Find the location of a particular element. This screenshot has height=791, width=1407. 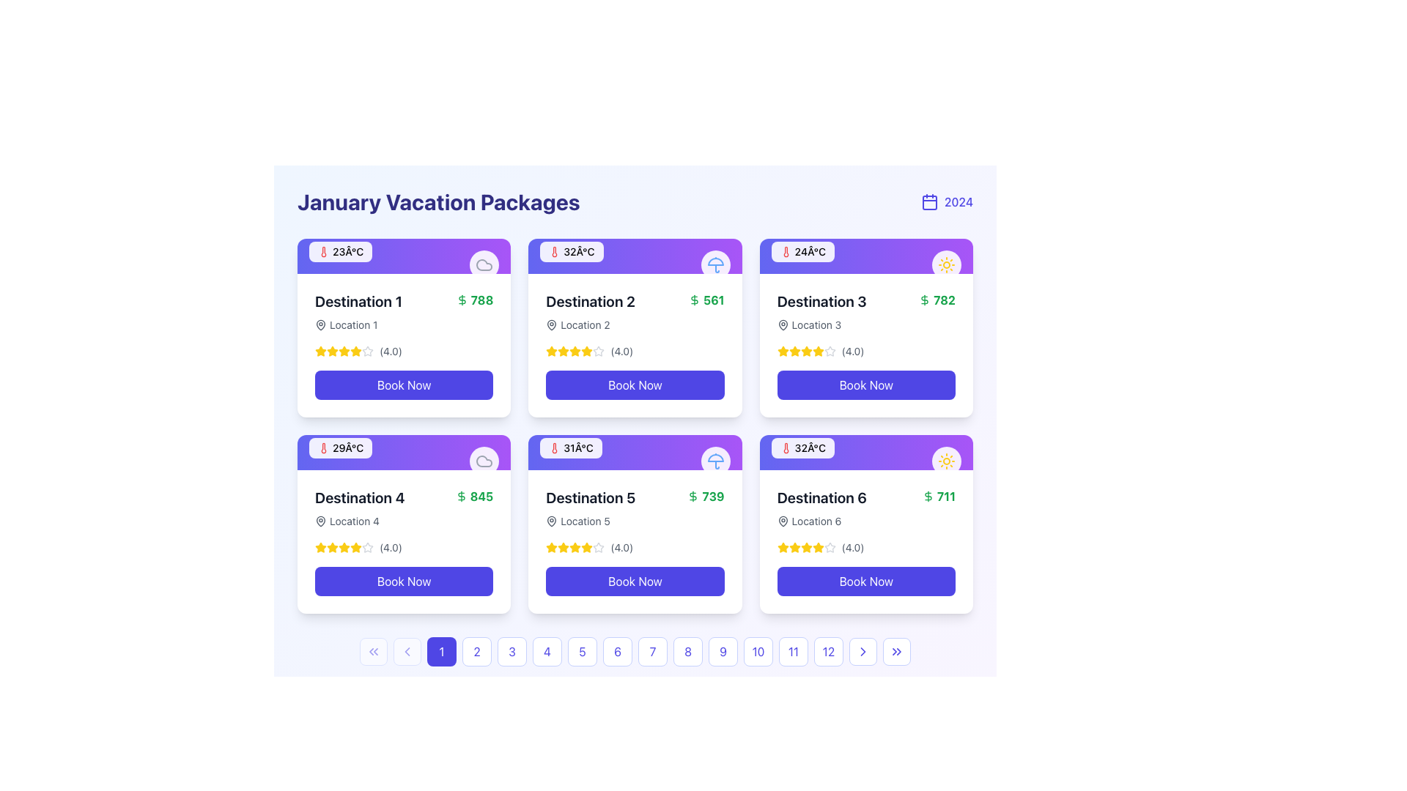

the fifth star-shaped icon with a yellow fill in the rating area under 'Destination 4' is located at coordinates (355, 548).